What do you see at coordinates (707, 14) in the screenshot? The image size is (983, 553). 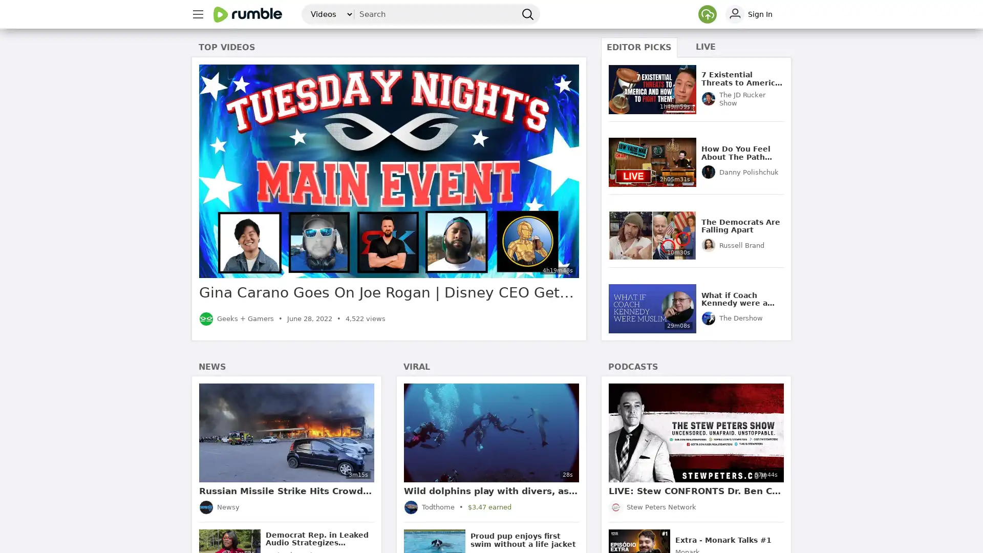 I see `Upload` at bounding box center [707, 14].